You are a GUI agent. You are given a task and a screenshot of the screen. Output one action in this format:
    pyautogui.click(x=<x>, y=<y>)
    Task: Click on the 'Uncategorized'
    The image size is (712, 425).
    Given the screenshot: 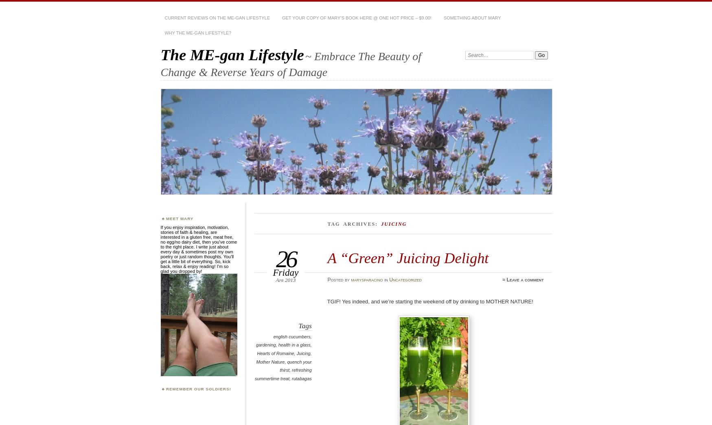 What is the action you would take?
    pyautogui.click(x=389, y=279)
    